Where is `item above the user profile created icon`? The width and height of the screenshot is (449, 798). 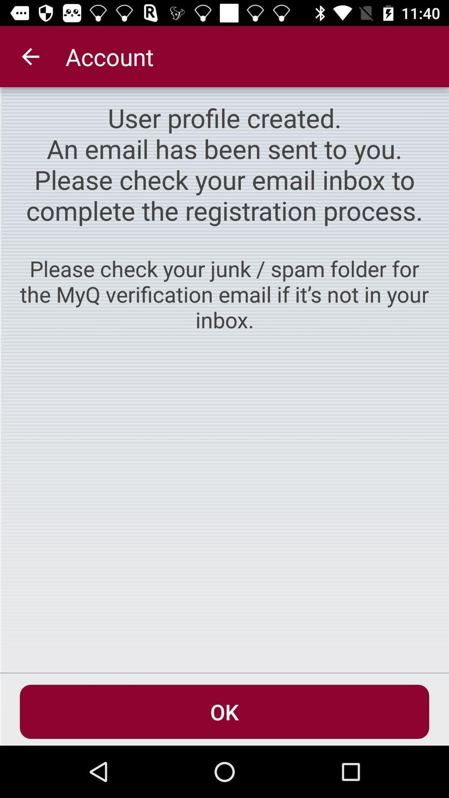
item above the user profile created icon is located at coordinates (30, 56).